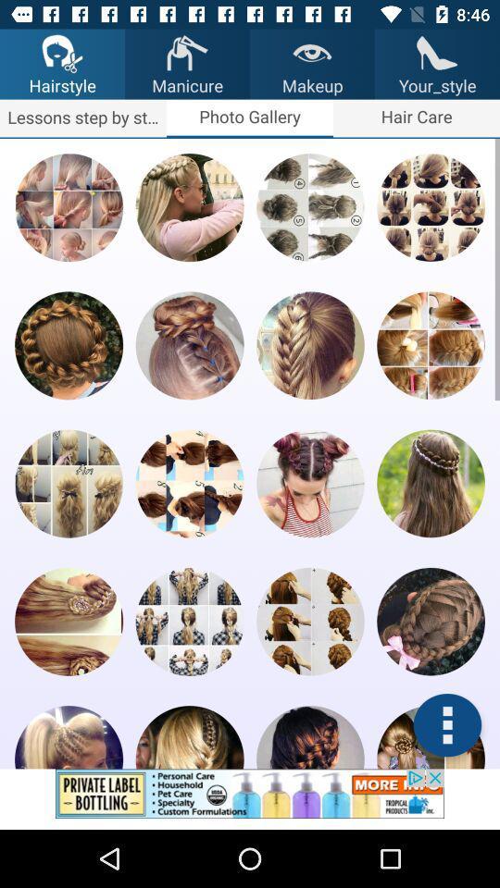 This screenshot has width=500, height=888. I want to click on open this image, so click(68, 622).